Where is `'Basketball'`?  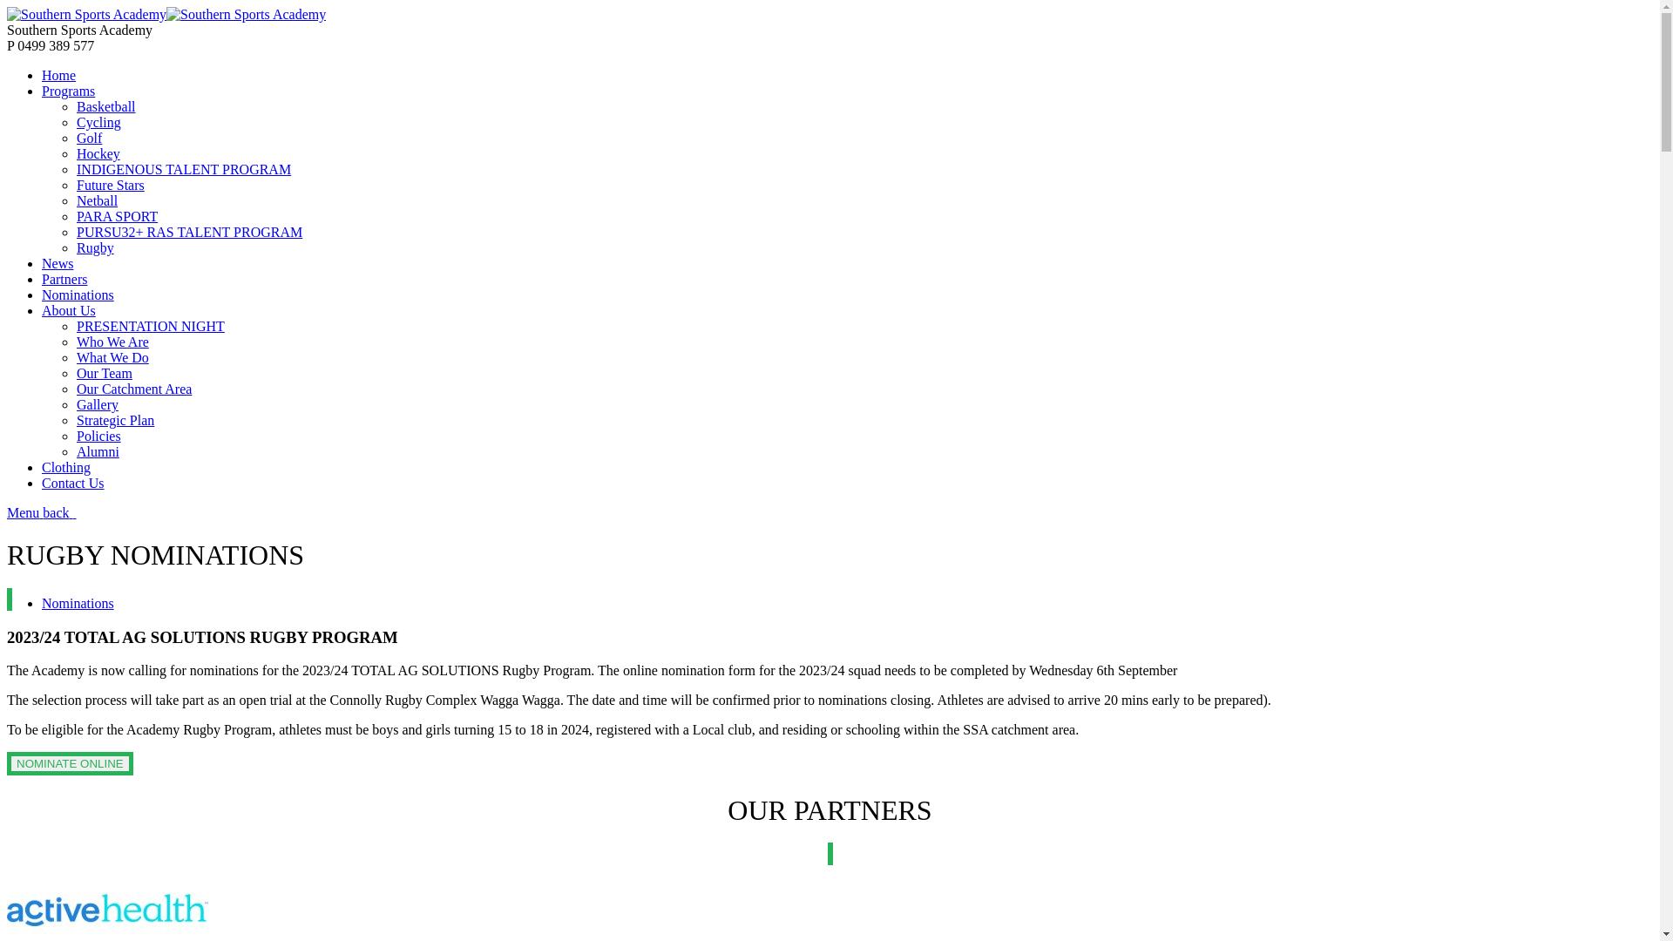 'Basketball' is located at coordinates (105, 106).